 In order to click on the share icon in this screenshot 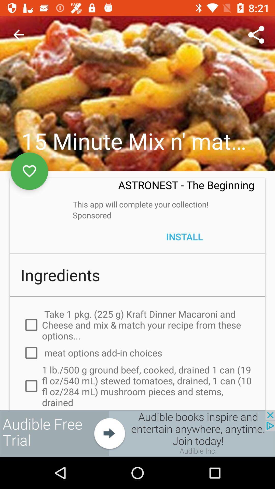, I will do `click(256, 35)`.